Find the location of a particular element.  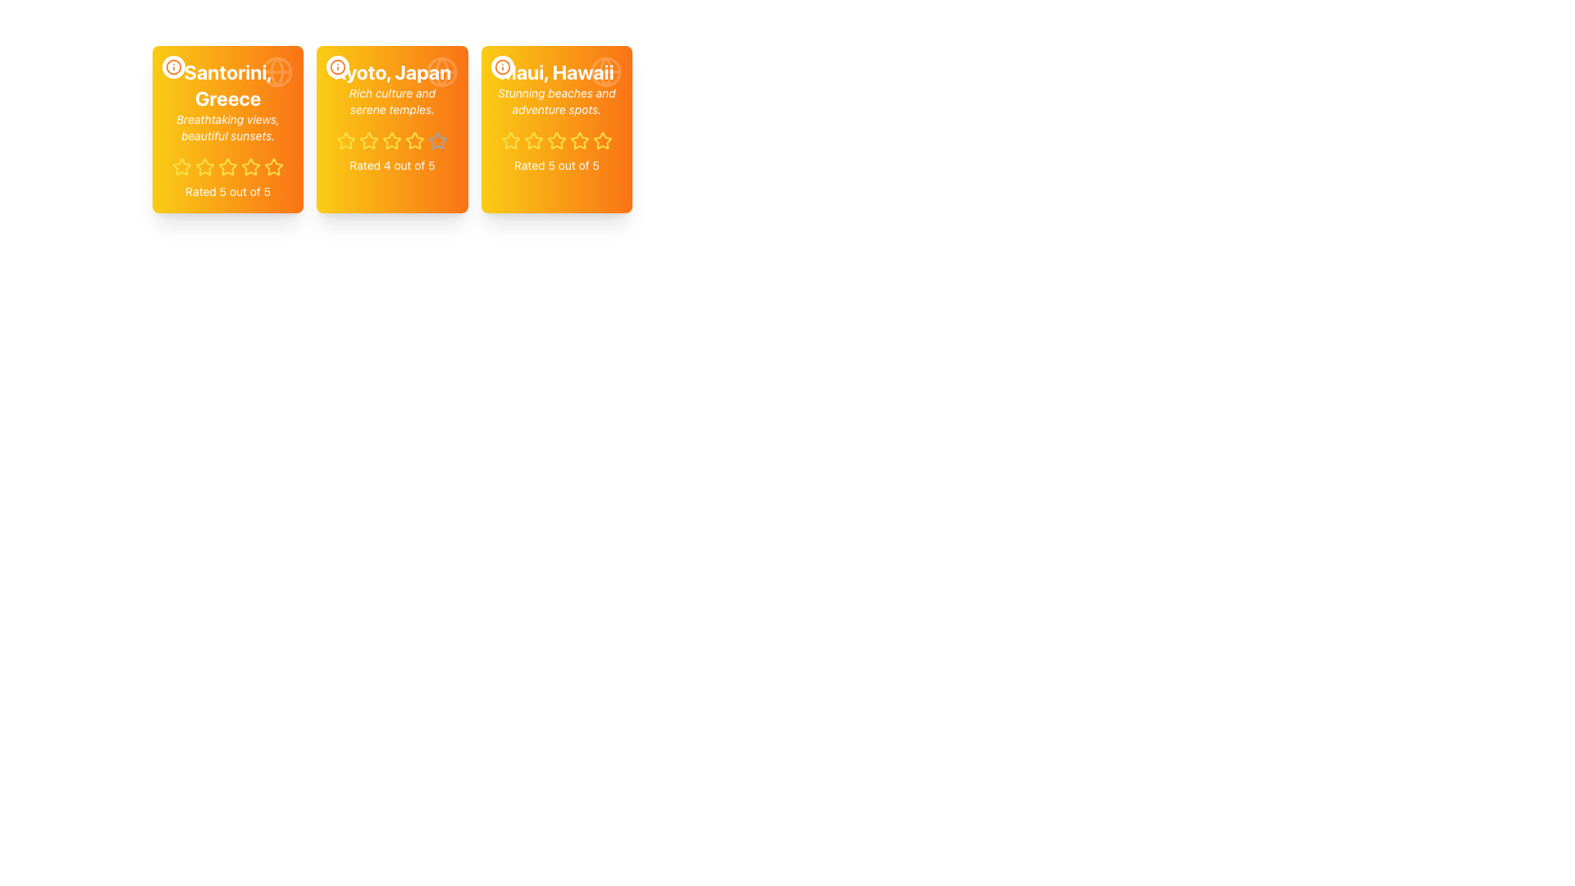

the 5-star rating indicator for 'Santorini, Greece', located at the bottom of the card with the title 'Santorini, Greece' and the description 'Breathtaking views, beautiful sunsets.' is located at coordinates (227, 167).